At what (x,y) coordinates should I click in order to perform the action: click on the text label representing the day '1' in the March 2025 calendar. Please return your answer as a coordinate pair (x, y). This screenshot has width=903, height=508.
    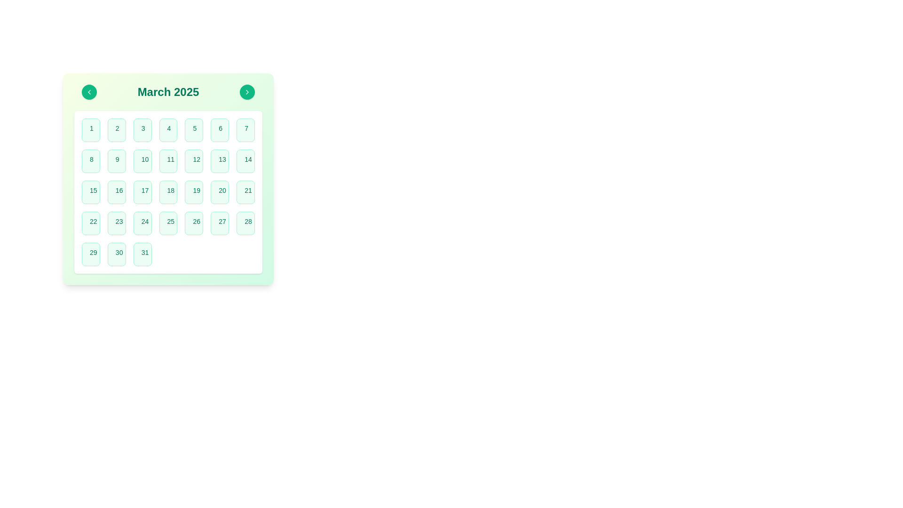
    Looking at the image, I should click on (91, 128).